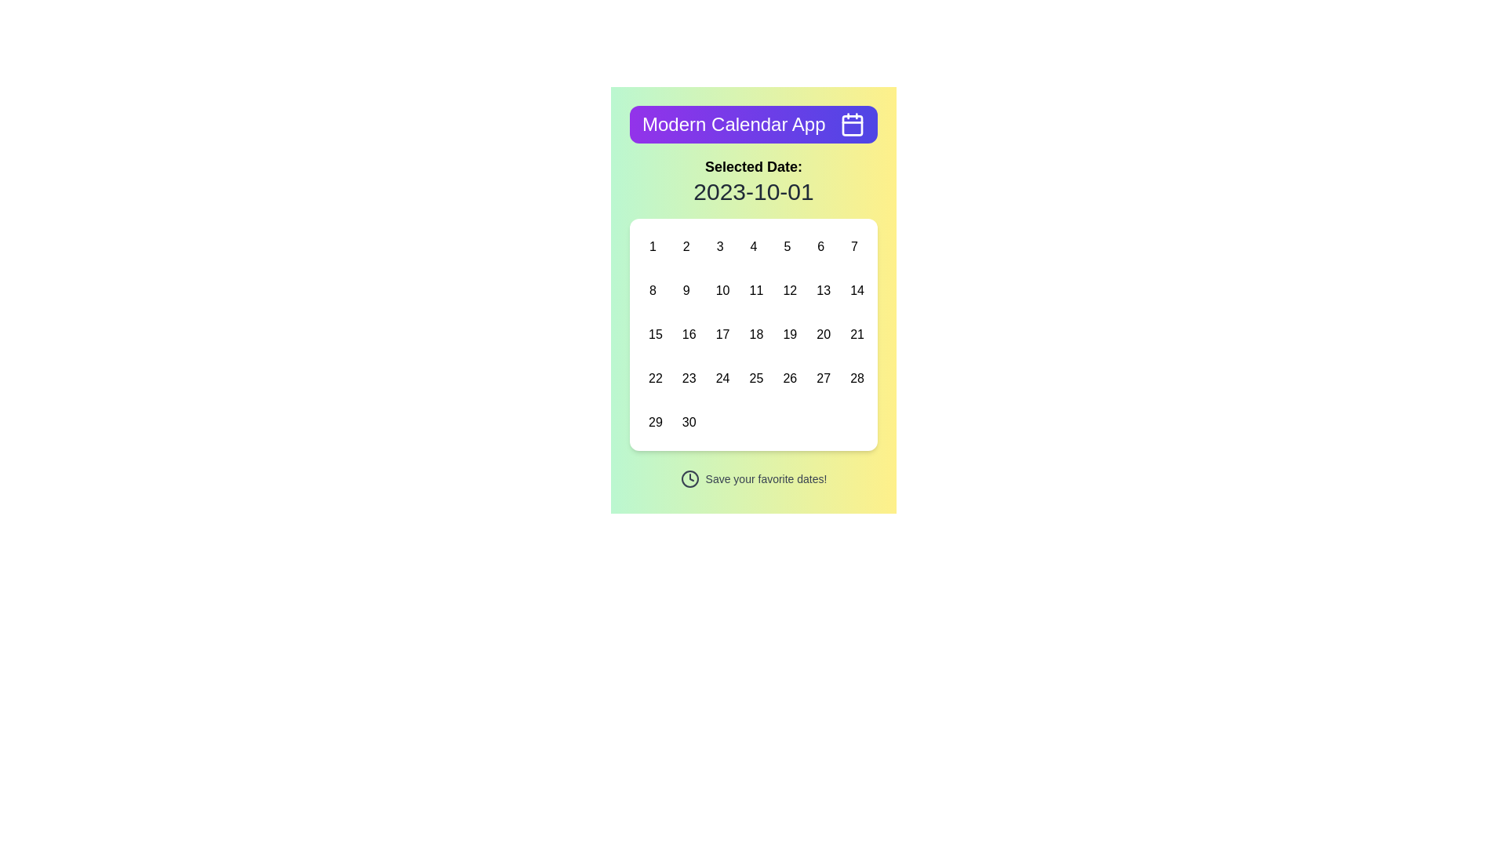  What do you see at coordinates (686, 290) in the screenshot?
I see `the date selection button for '9' in the calendar grid located in the second row and second column` at bounding box center [686, 290].